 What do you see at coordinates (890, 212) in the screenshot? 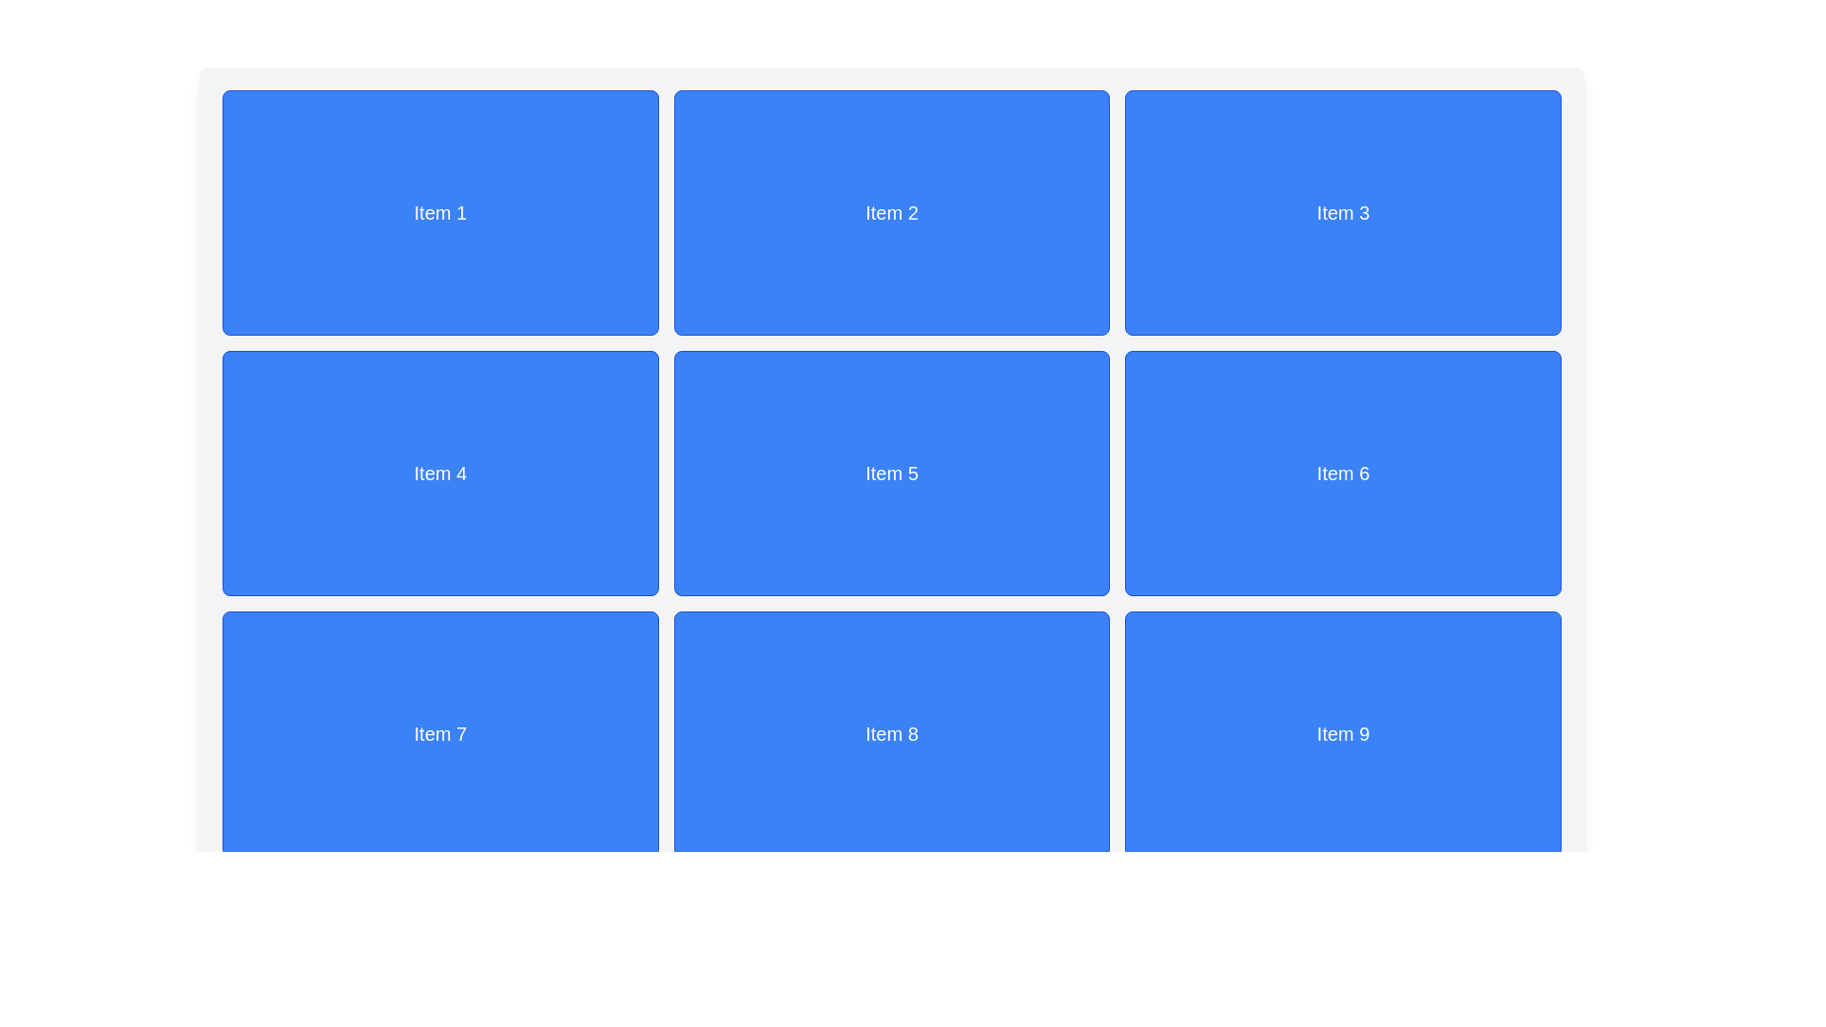
I see `the blue rectangular box with rounded corners that contains the centered white text 'Item 2'` at bounding box center [890, 212].